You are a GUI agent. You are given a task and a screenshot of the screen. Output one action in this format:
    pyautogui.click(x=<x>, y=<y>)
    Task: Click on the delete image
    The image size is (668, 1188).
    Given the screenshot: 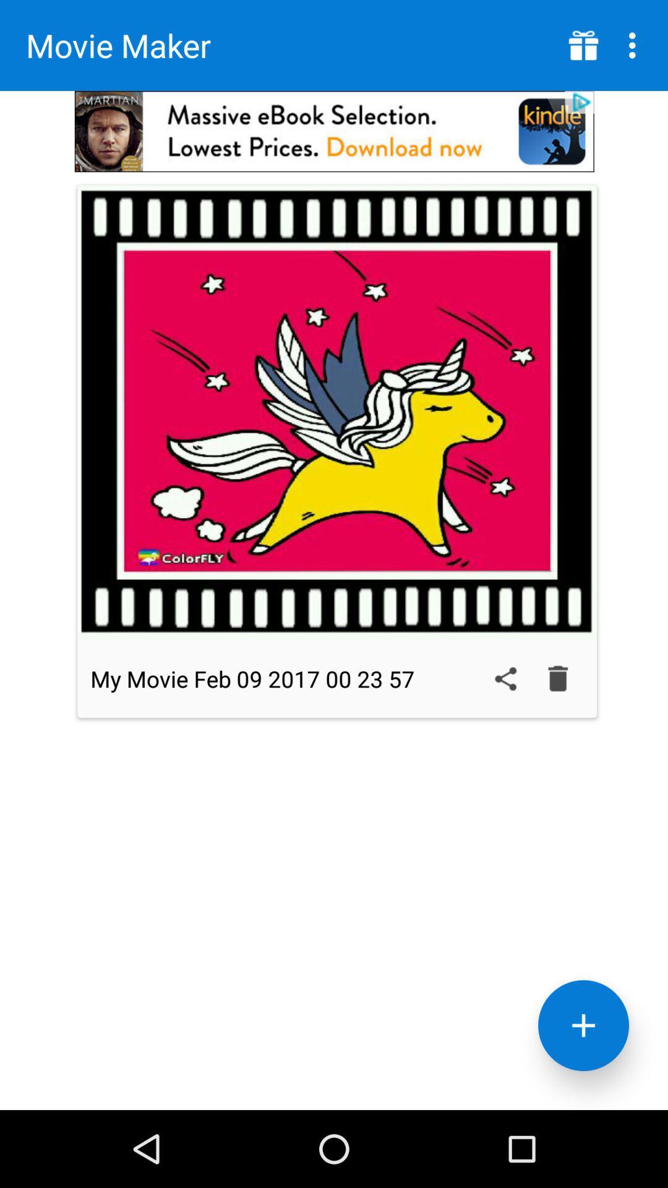 What is the action you would take?
    pyautogui.click(x=558, y=678)
    